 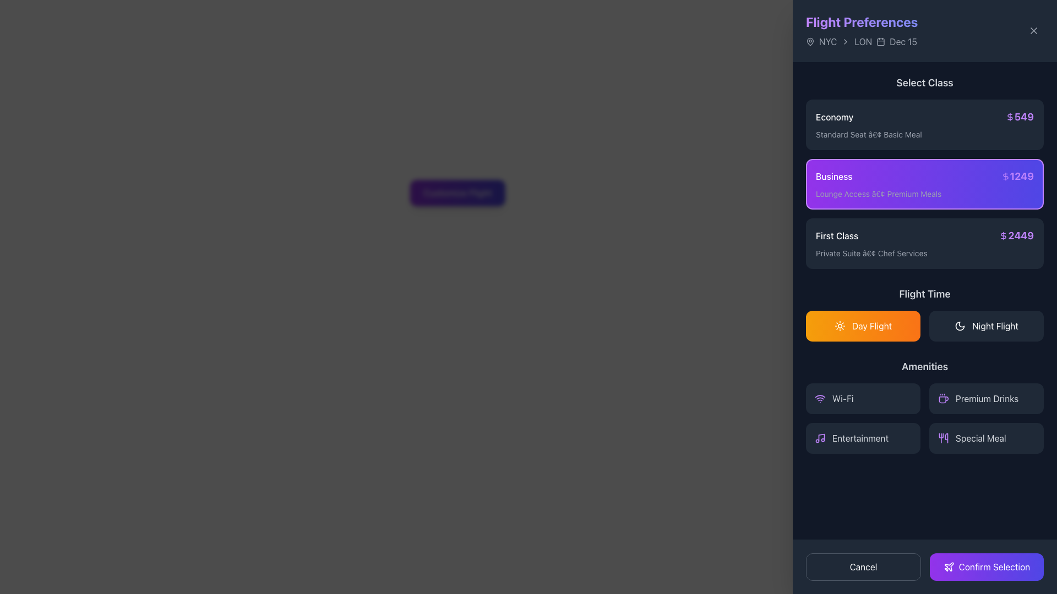 I want to click on the 'Special Meal' button located in the 'Amenities' section, which is the fourth item in the grid layout, so click(x=986, y=438).